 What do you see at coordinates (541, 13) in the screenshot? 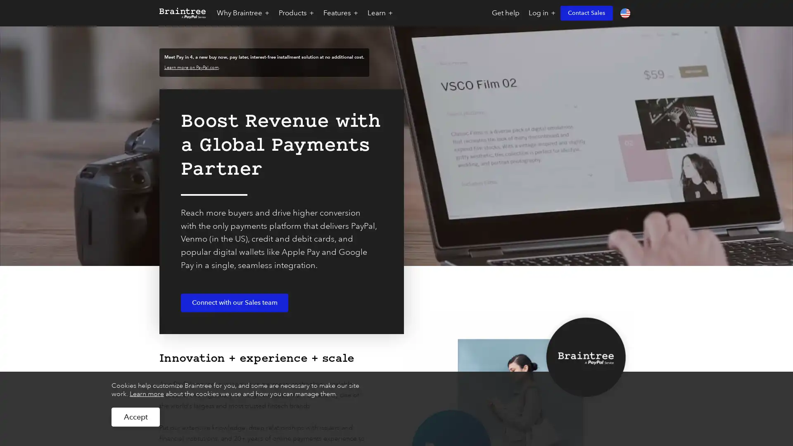
I see `Log in menu` at bounding box center [541, 13].